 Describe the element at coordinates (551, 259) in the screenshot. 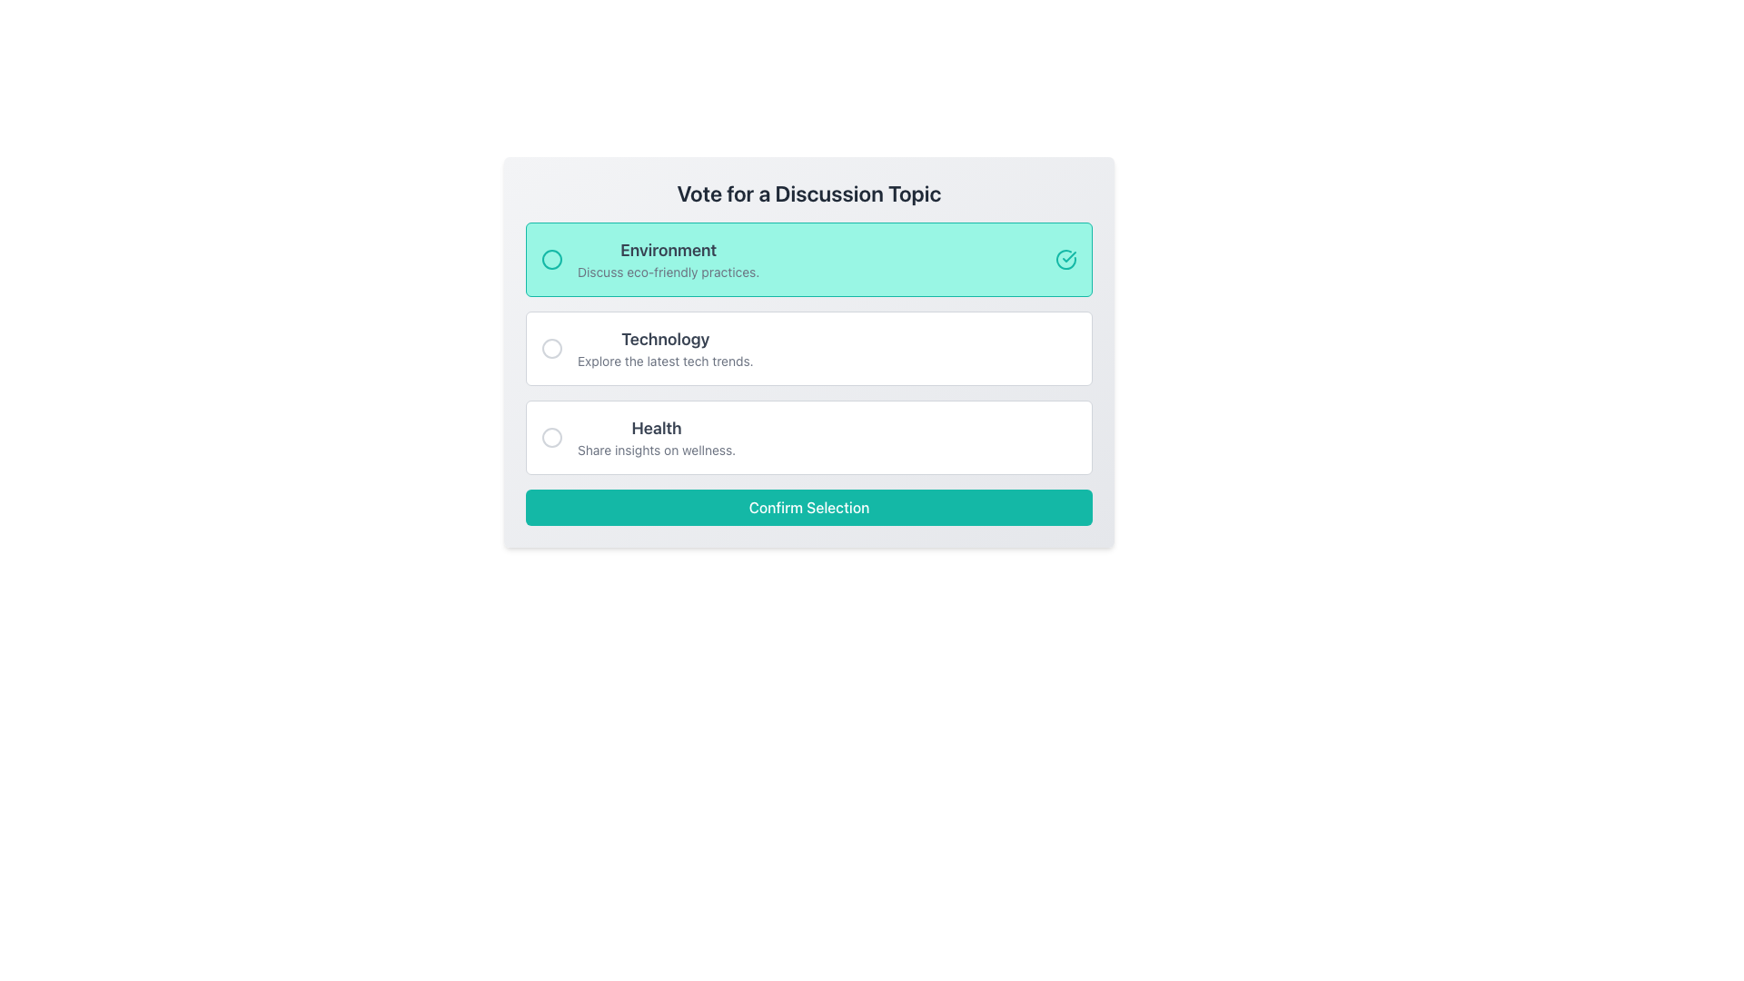

I see `the circular teal outlined button` at that location.